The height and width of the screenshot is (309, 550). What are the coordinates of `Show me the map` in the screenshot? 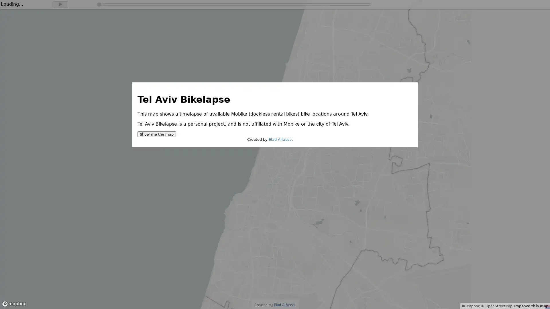 It's located at (157, 134).